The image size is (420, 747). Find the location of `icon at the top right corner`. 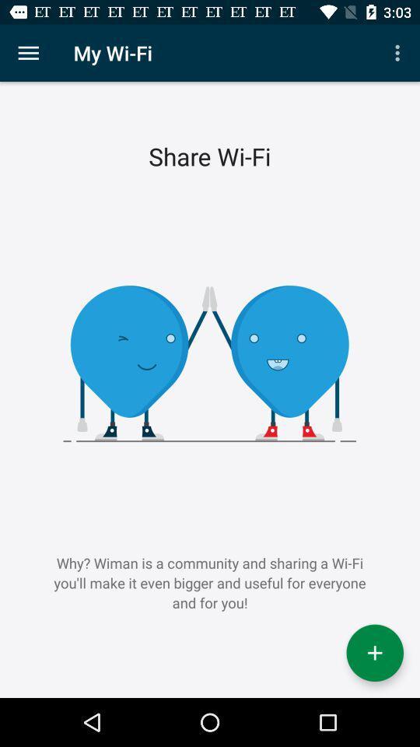

icon at the top right corner is located at coordinates (399, 53).